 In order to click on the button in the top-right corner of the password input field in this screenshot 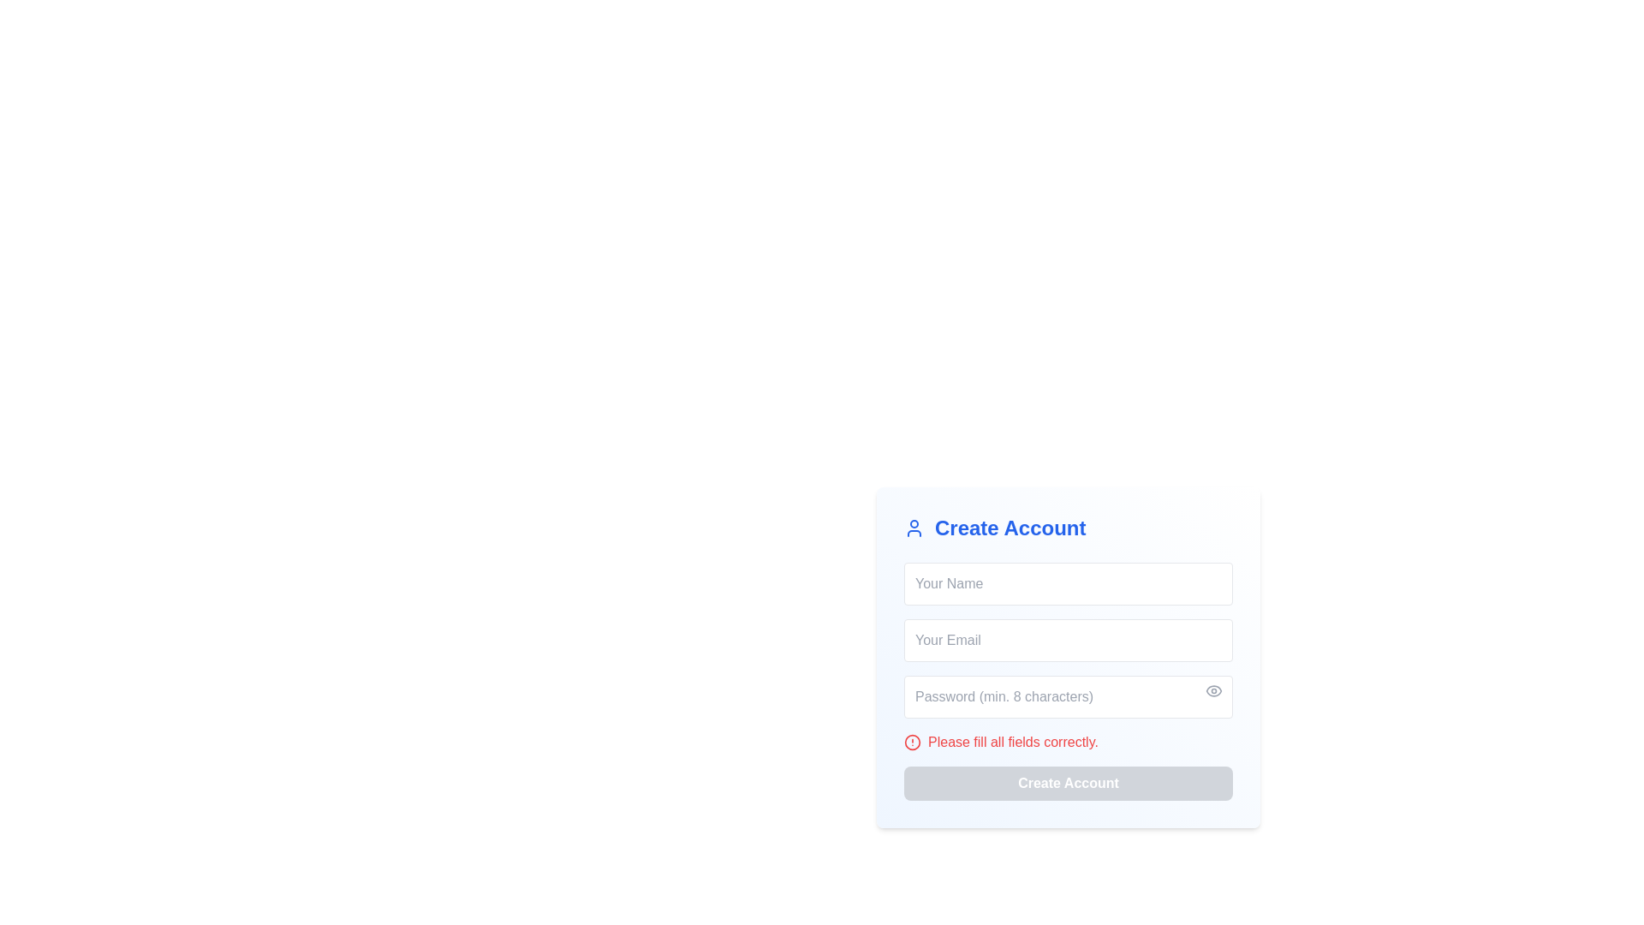, I will do `click(1212, 689)`.